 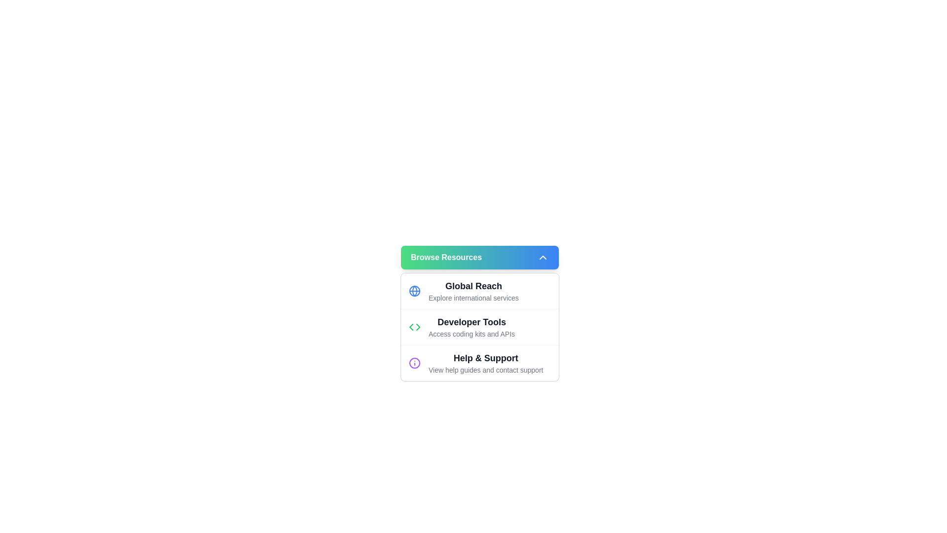 I want to click on the descriptive text label located under the 'Global Reach' title in the dropdown panel, which provides additional context about the section, so click(x=473, y=298).